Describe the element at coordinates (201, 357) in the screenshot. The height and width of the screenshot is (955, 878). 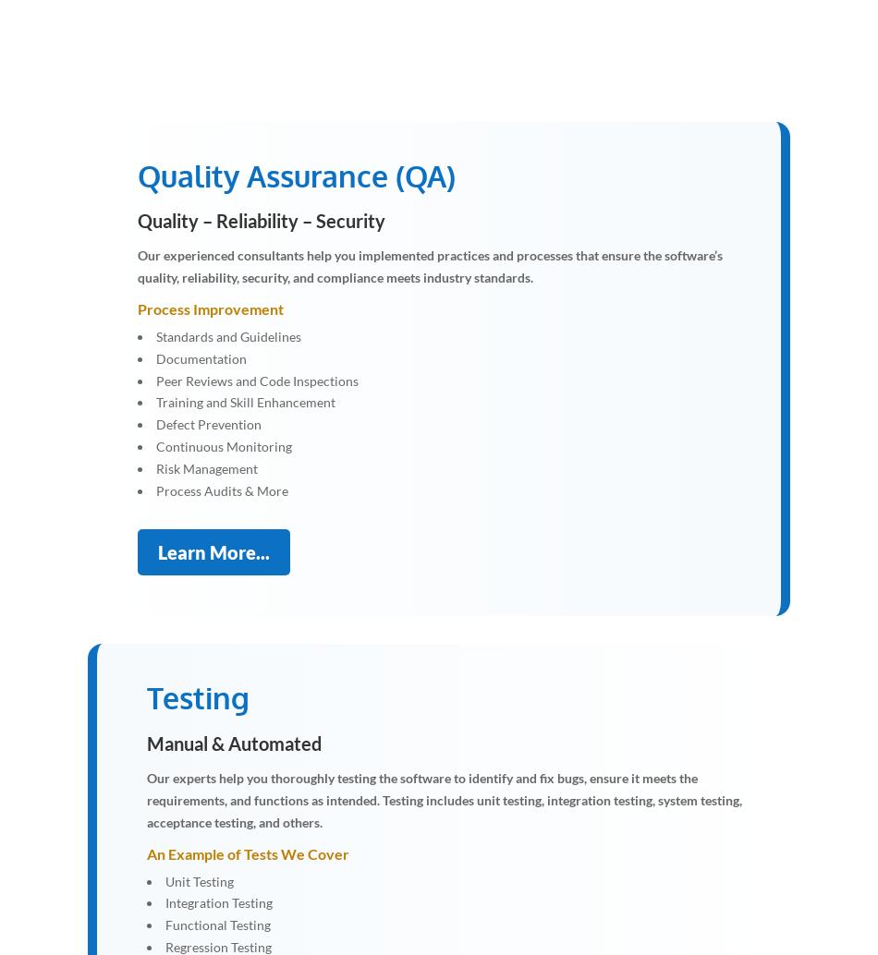
I see `'Documentation'` at that location.